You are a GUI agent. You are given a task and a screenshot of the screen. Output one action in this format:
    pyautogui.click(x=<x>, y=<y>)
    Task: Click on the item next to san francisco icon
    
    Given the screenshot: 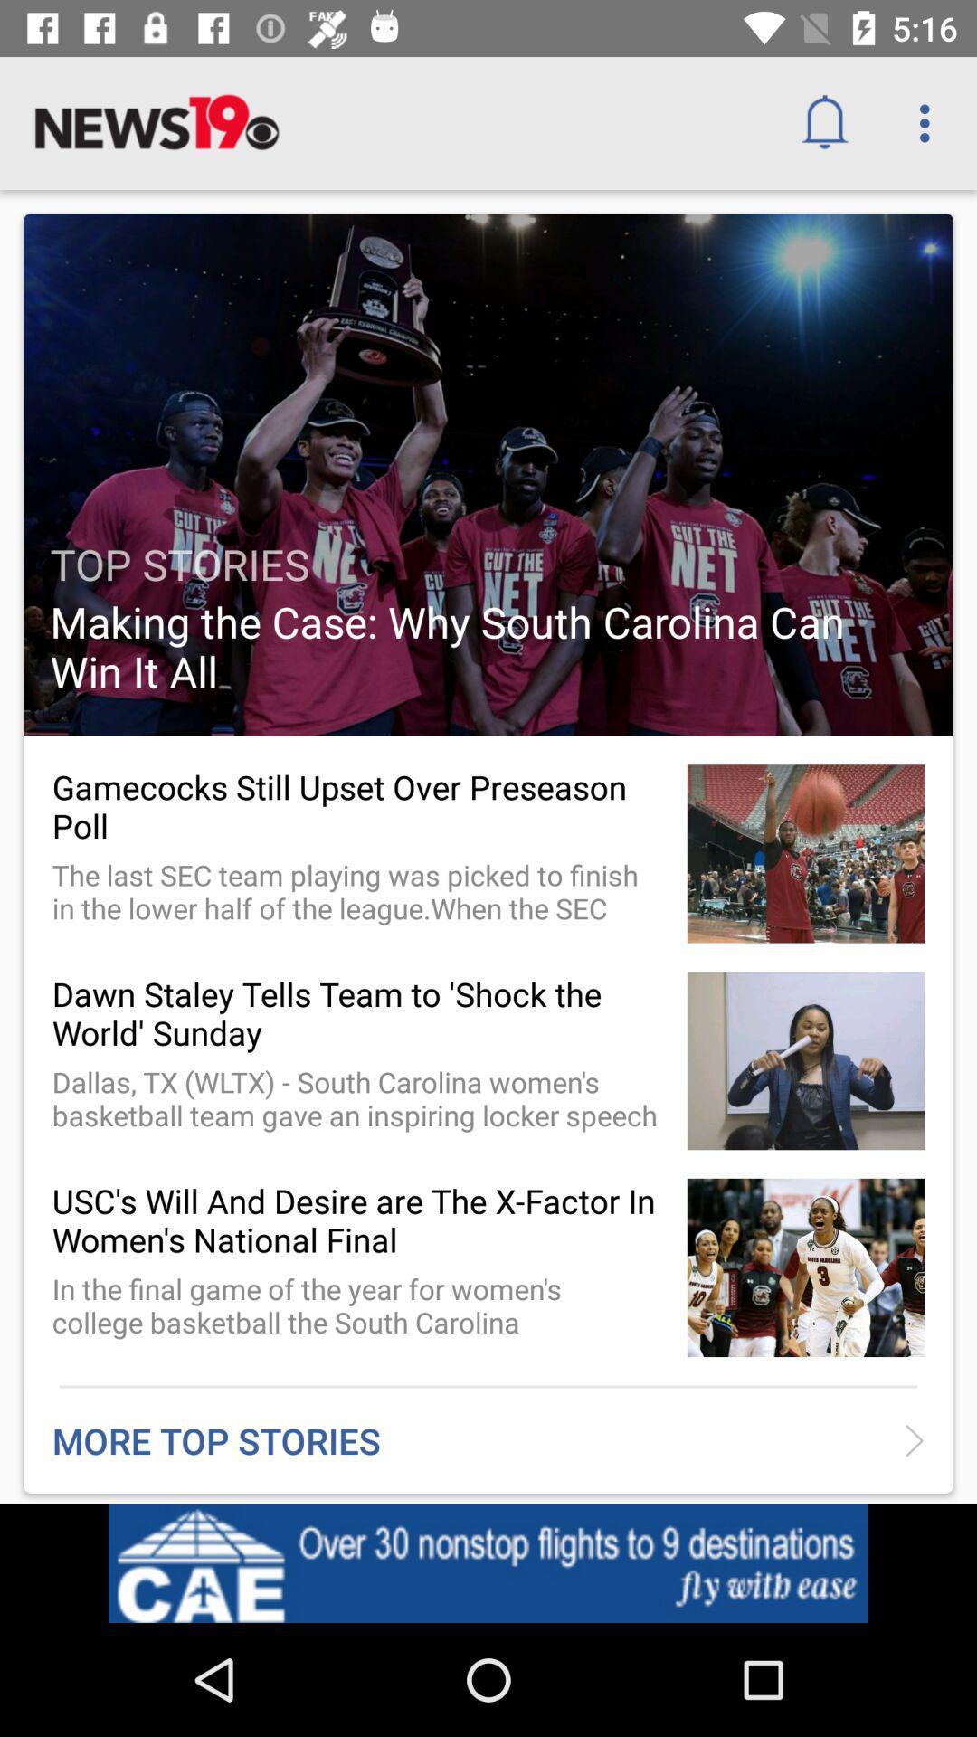 What is the action you would take?
    pyautogui.click(x=831, y=1568)
    